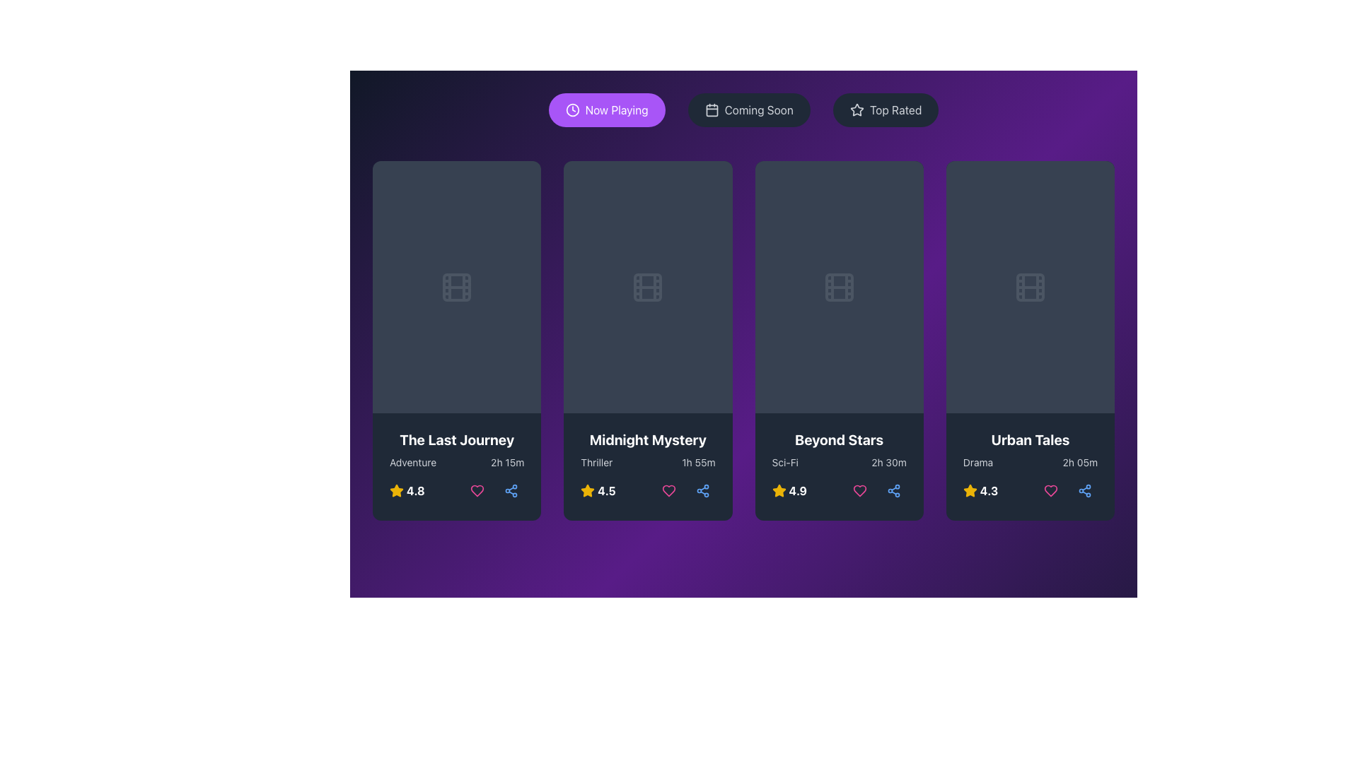 This screenshot has width=1358, height=763. I want to click on the genre or category label text element located at the bottom left of the horizontal card, which precedes another text element displaying '2h 15m', so click(412, 463).